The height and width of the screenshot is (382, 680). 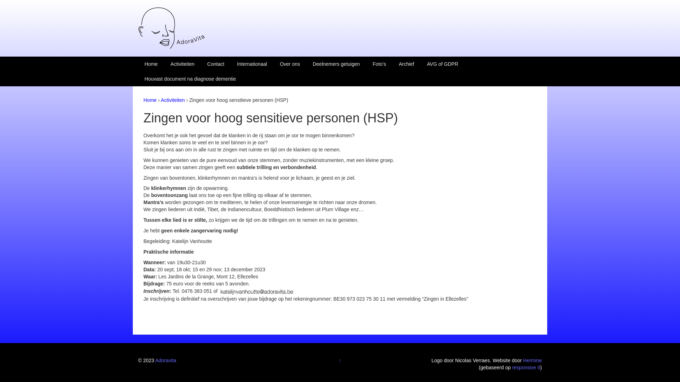 I want to click on 'Skip to content', so click(x=16, y=4).